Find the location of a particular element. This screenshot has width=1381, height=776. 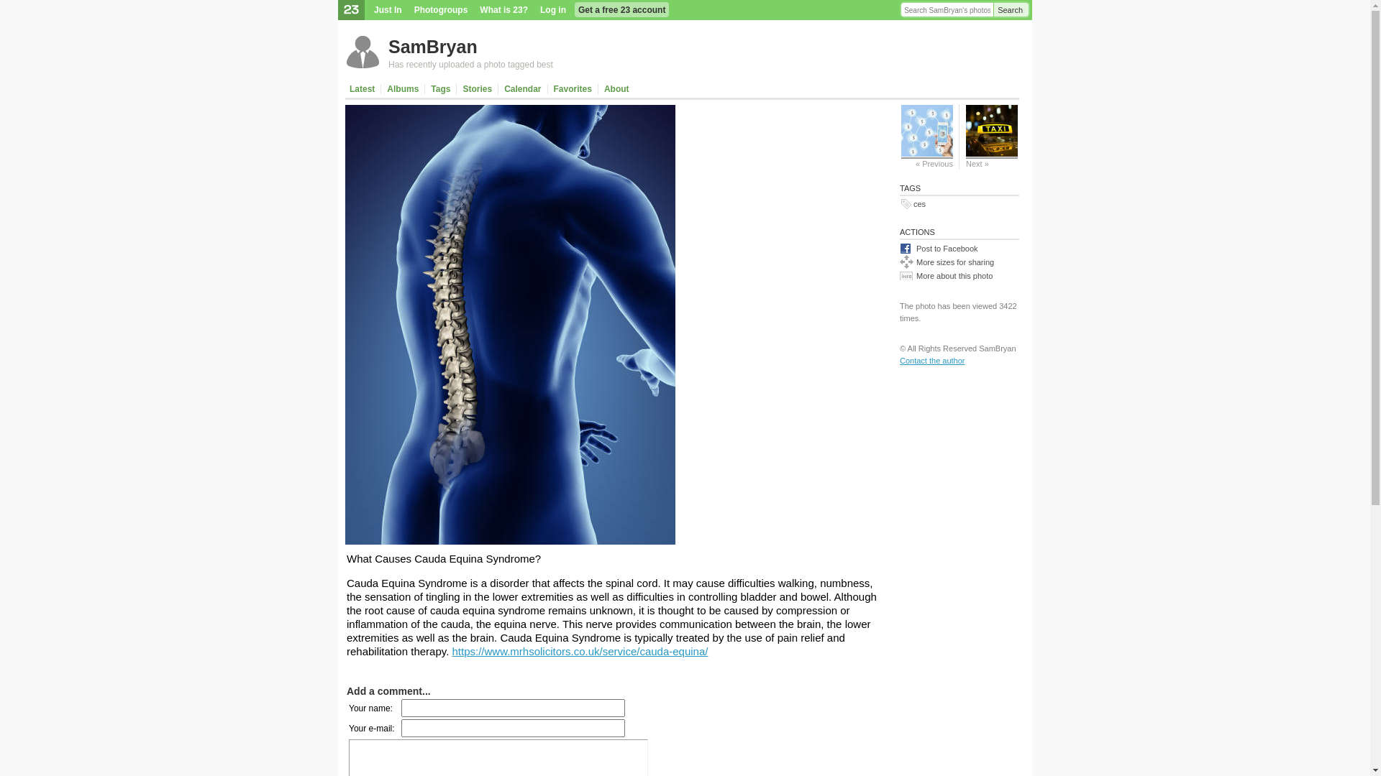

'More about this photo' is located at coordinates (960, 275).